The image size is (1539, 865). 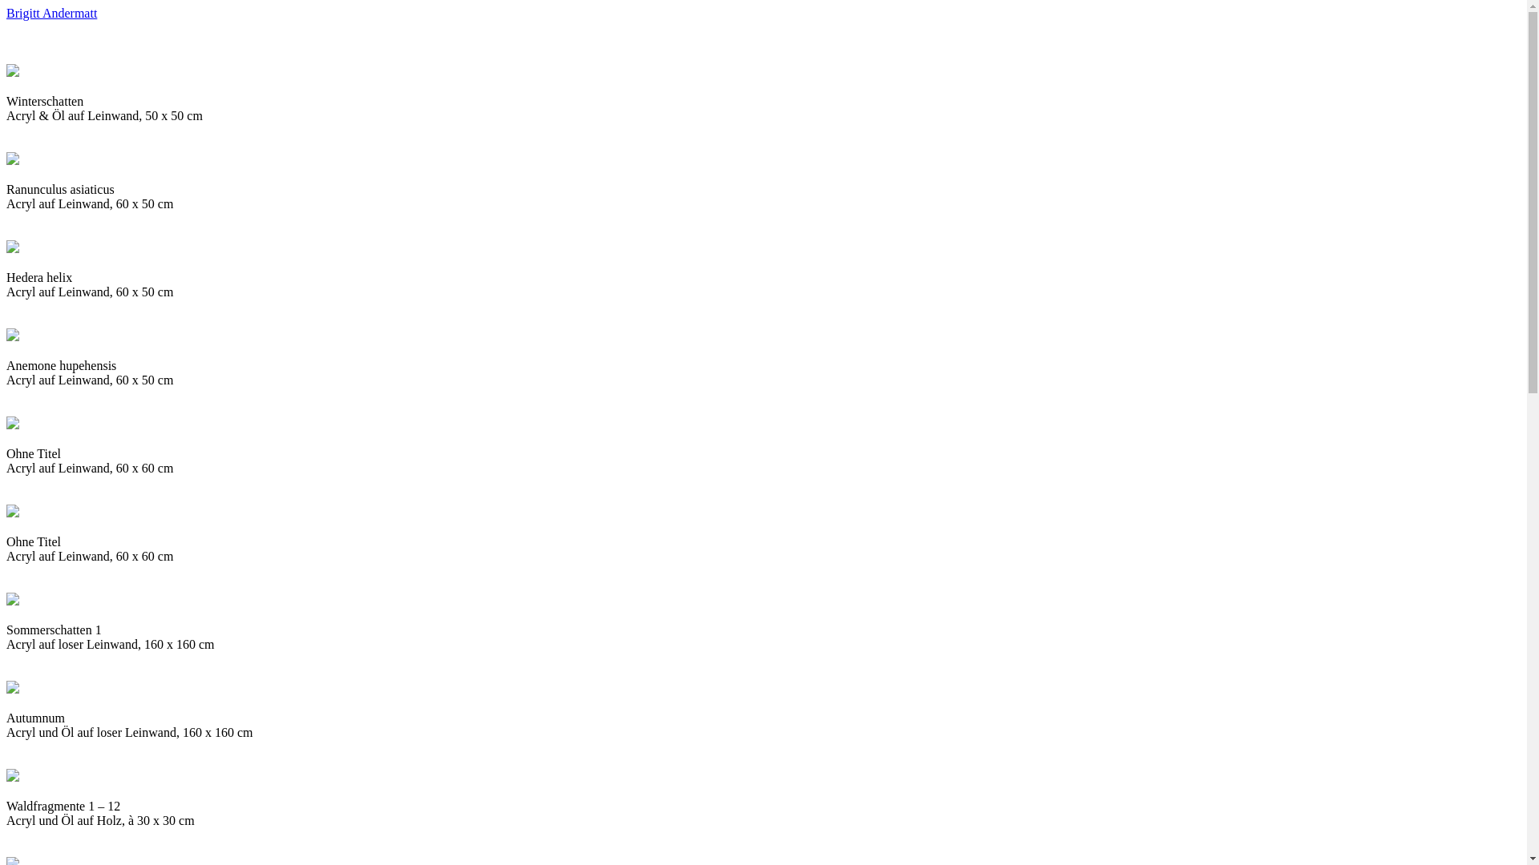 I want to click on 'Brigitt Andermatt', so click(x=51, y=13).